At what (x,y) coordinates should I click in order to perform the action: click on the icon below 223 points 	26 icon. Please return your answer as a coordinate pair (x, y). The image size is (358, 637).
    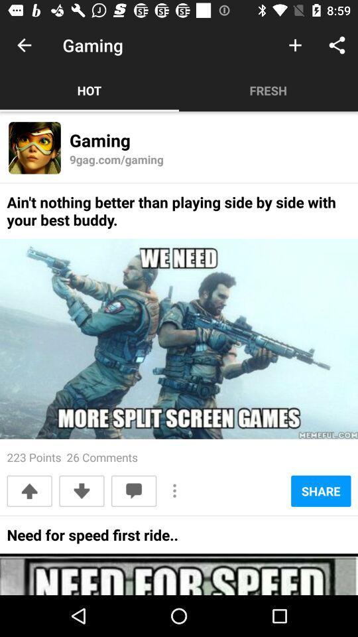
    Looking at the image, I should click on (82, 490).